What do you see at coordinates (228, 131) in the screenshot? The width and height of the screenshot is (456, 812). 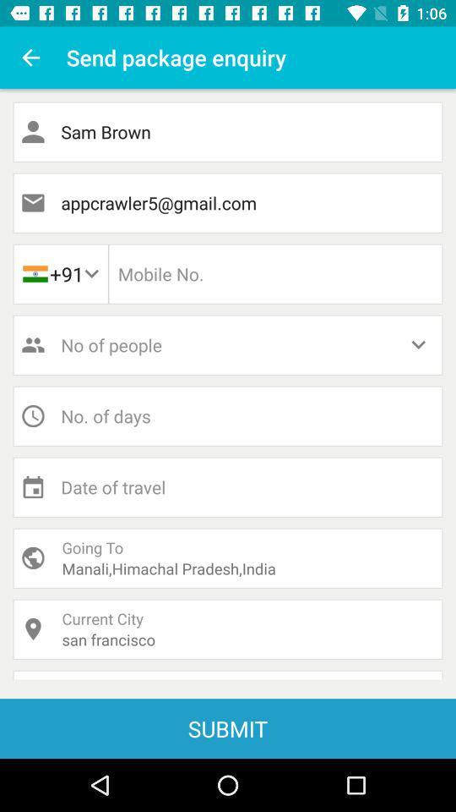 I see `the icon above the appcrawler5@gmail.com item` at bounding box center [228, 131].